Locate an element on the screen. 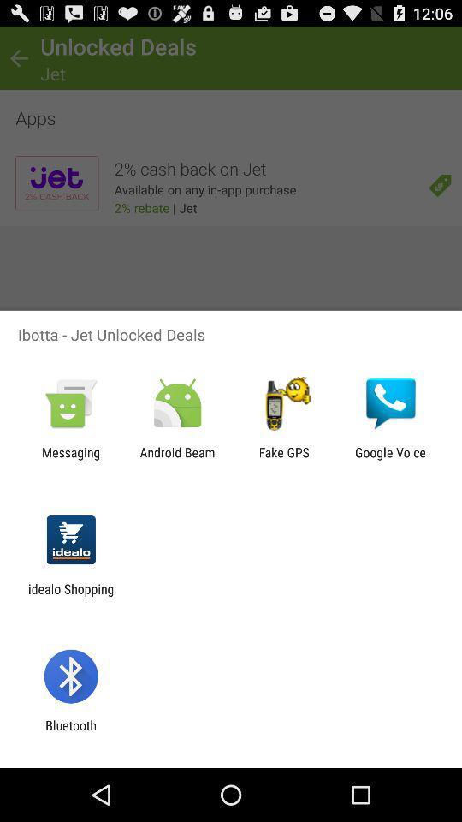 This screenshot has height=822, width=462. the item to the right of the messaging item is located at coordinates (176, 459).